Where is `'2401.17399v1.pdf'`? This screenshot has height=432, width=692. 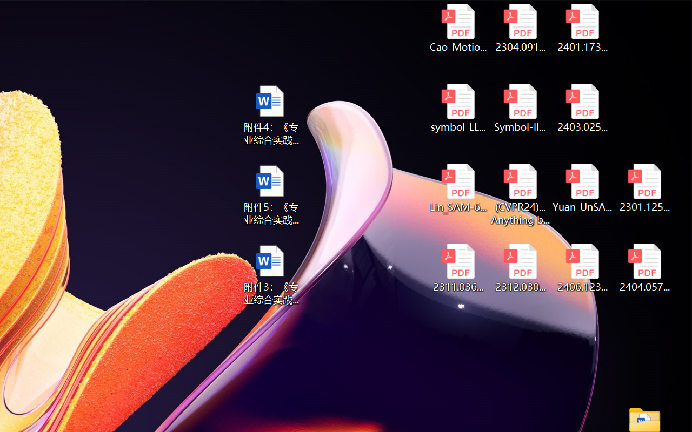 '2401.17399v1.pdf' is located at coordinates (582, 28).